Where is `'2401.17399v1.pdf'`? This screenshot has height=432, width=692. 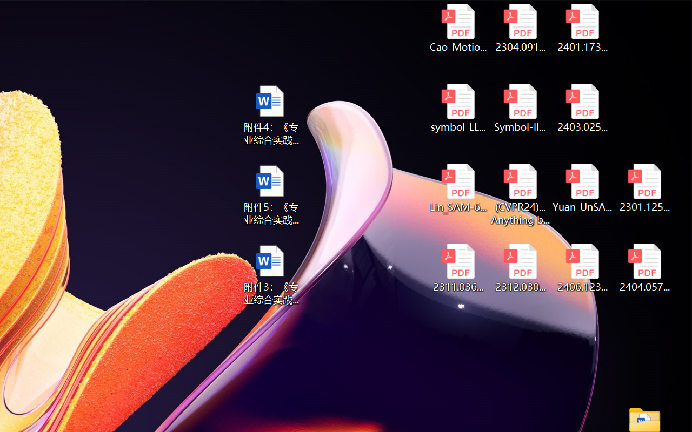 '2401.17399v1.pdf' is located at coordinates (582, 28).